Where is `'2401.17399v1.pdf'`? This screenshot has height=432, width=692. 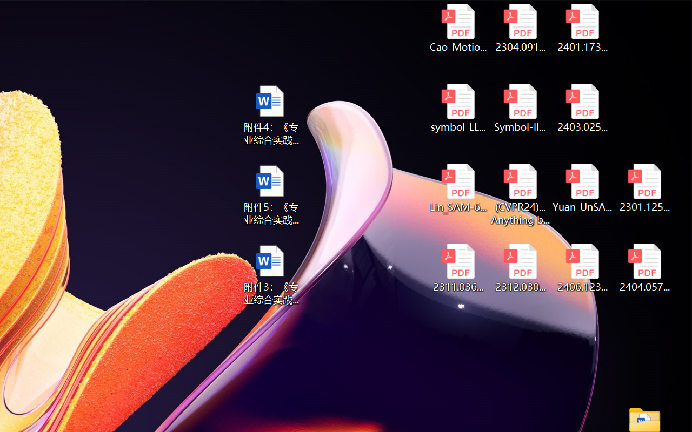 '2401.17399v1.pdf' is located at coordinates (582, 28).